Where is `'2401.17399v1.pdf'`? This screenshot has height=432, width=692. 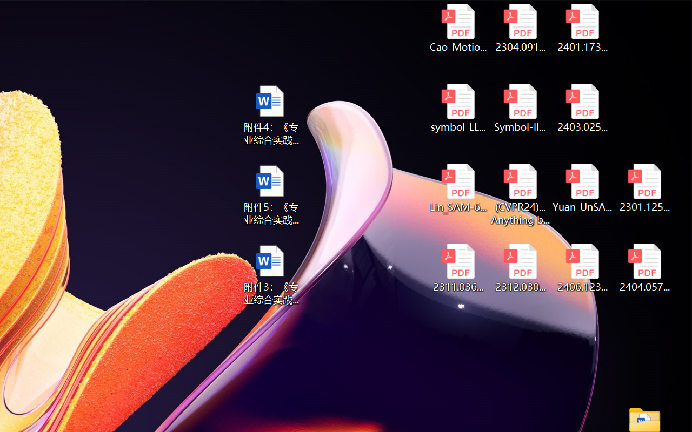 '2401.17399v1.pdf' is located at coordinates (582, 28).